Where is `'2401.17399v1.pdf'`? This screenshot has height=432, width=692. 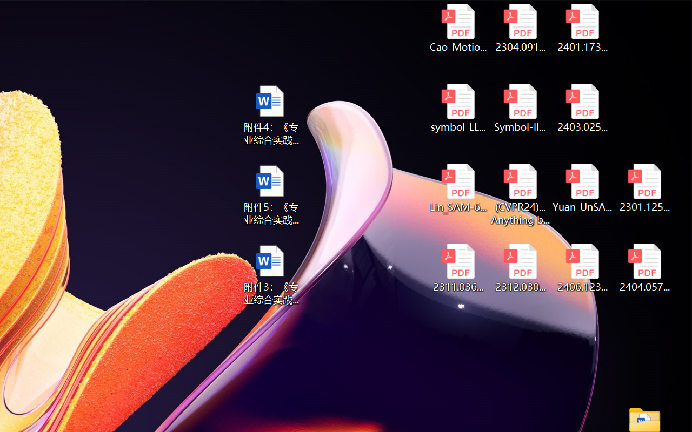 '2401.17399v1.pdf' is located at coordinates (582, 28).